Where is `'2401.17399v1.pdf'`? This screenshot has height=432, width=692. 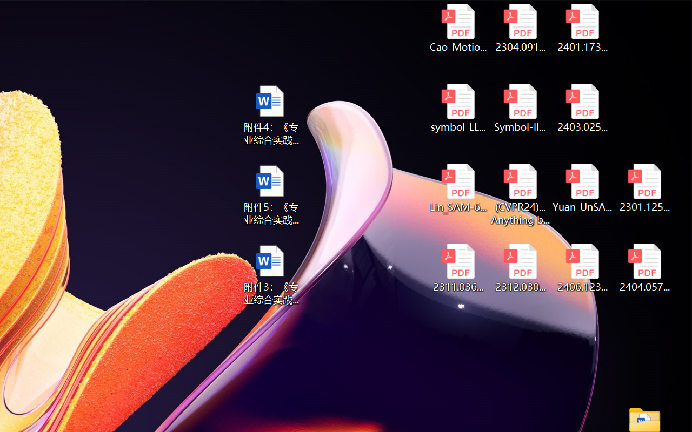 '2401.17399v1.pdf' is located at coordinates (582, 28).